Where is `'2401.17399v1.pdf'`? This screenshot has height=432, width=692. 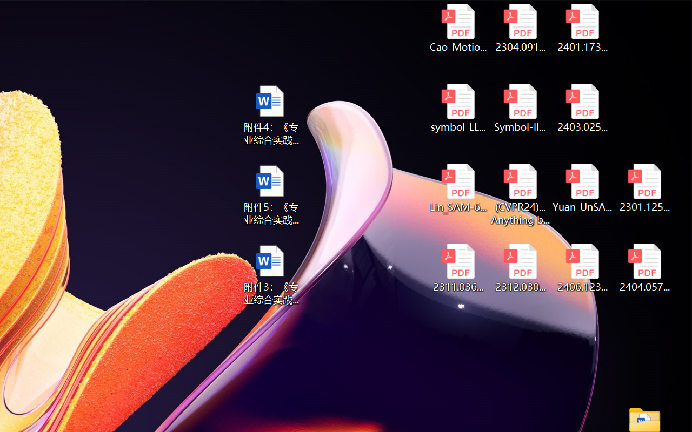 '2401.17399v1.pdf' is located at coordinates (582, 28).